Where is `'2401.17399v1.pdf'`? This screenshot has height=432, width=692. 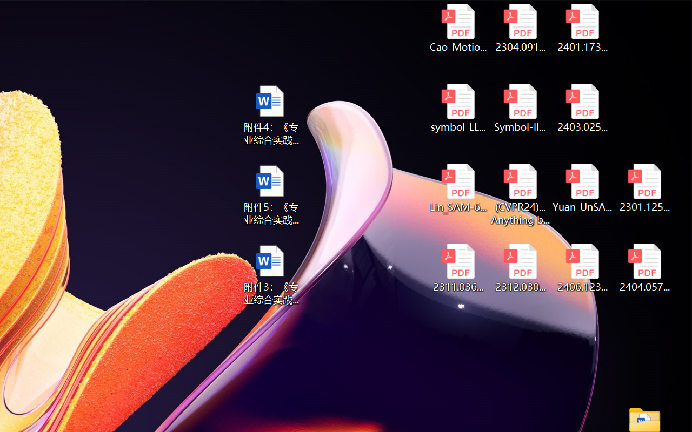 '2401.17399v1.pdf' is located at coordinates (582, 28).